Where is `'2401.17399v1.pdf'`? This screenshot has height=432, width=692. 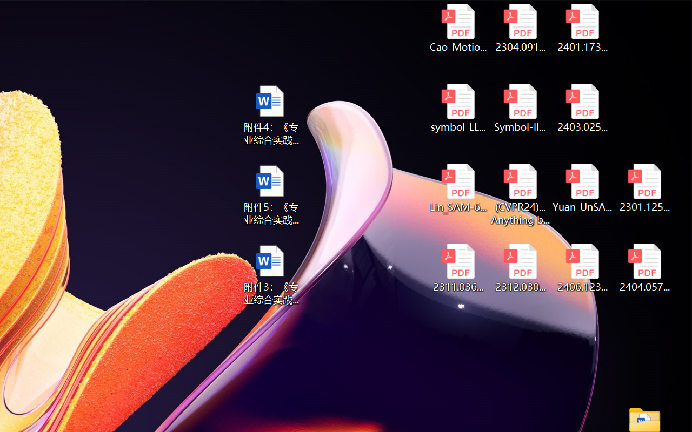 '2401.17399v1.pdf' is located at coordinates (582, 28).